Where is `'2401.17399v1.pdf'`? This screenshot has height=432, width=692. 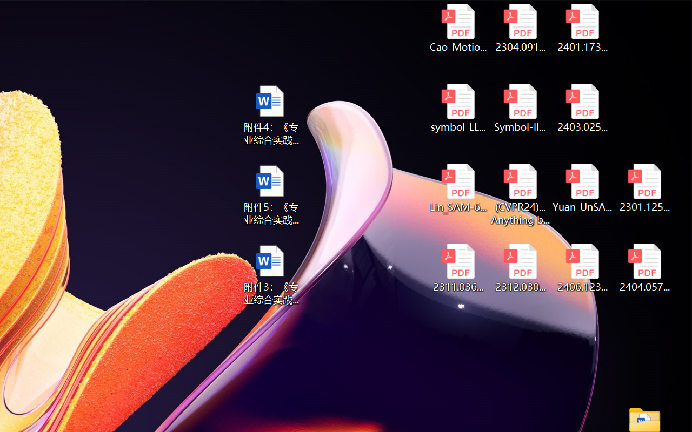 '2401.17399v1.pdf' is located at coordinates (582, 28).